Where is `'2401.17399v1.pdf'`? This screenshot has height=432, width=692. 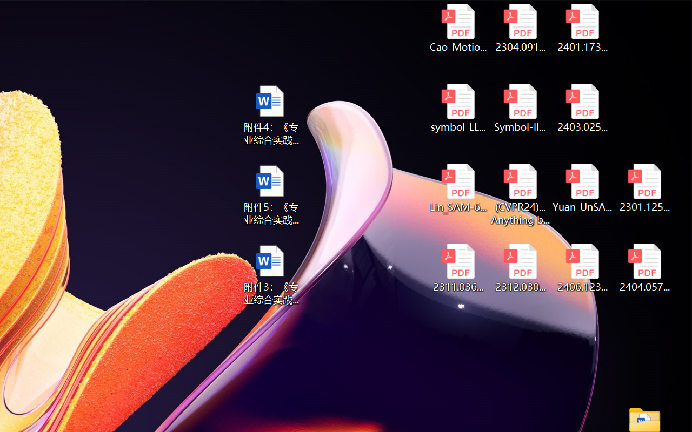 '2401.17399v1.pdf' is located at coordinates (582, 28).